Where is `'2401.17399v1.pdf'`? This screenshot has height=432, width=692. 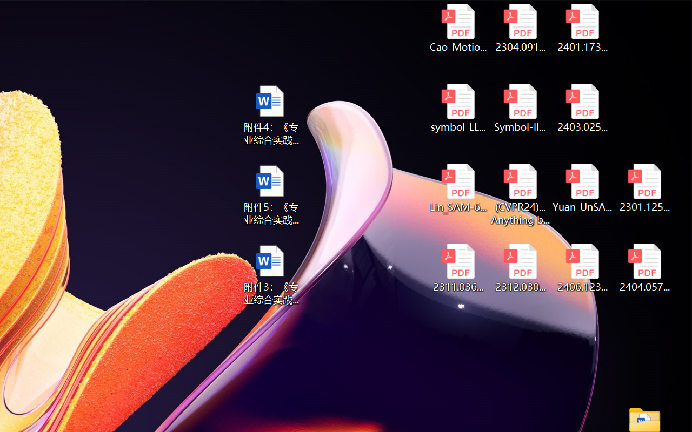 '2401.17399v1.pdf' is located at coordinates (582, 28).